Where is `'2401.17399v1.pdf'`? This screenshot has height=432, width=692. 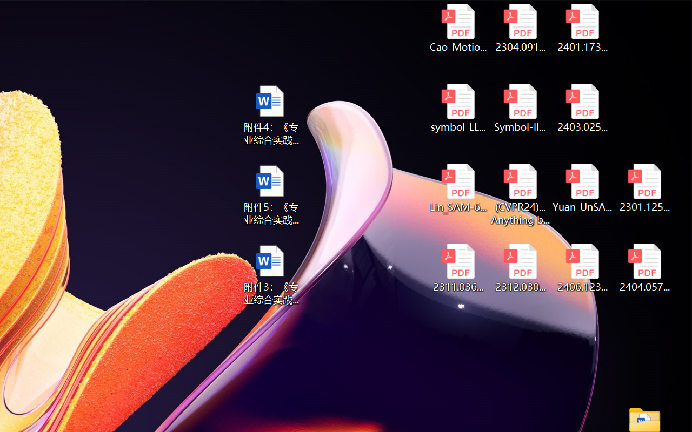 '2401.17399v1.pdf' is located at coordinates (582, 28).